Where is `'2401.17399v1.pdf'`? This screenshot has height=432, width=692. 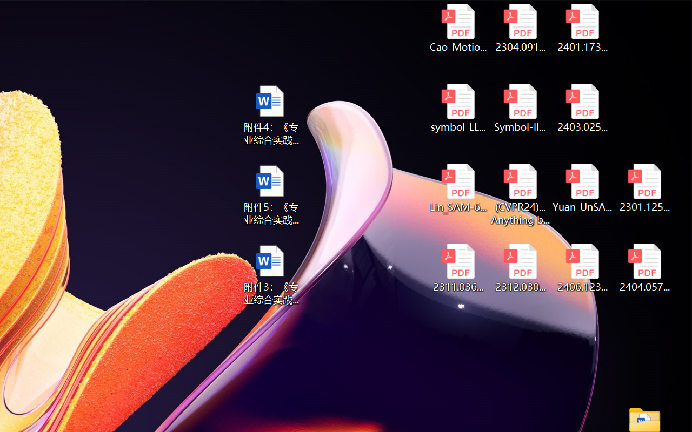 '2401.17399v1.pdf' is located at coordinates (582, 28).